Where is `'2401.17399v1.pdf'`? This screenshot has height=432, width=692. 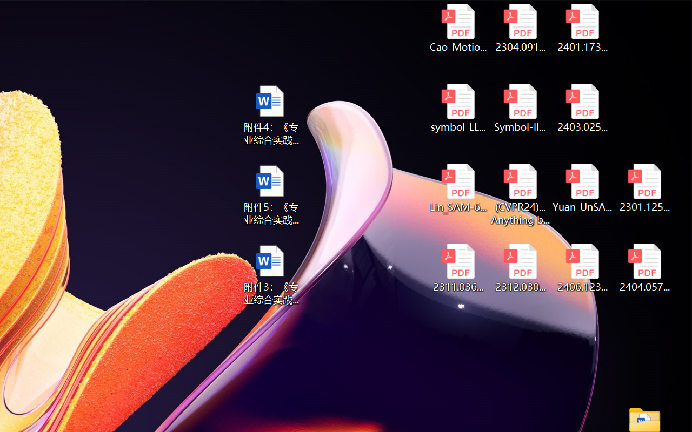 '2401.17399v1.pdf' is located at coordinates (582, 28).